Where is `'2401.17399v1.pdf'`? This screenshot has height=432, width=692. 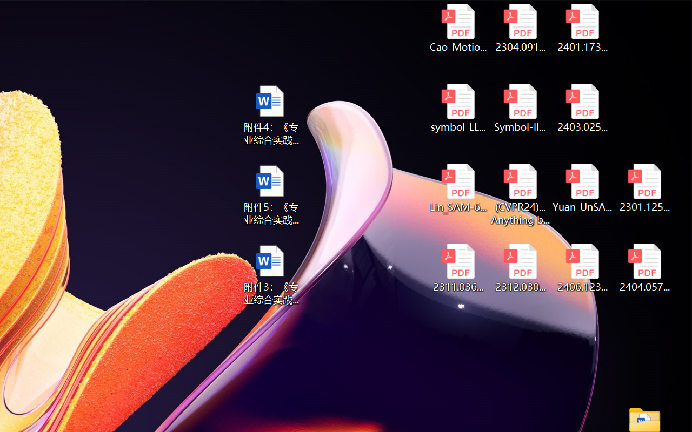 '2401.17399v1.pdf' is located at coordinates (582, 28).